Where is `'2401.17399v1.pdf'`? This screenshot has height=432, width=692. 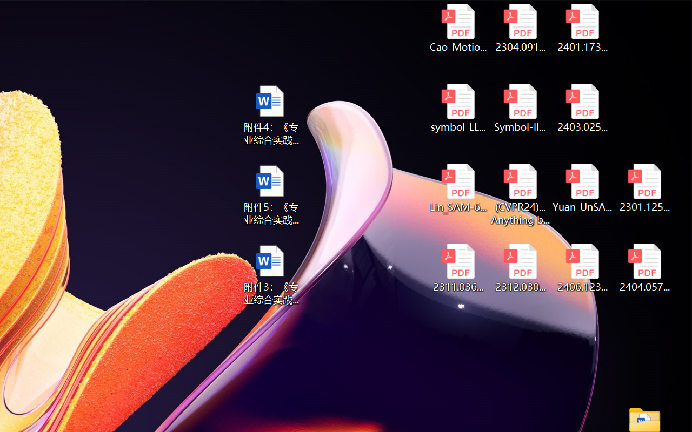 '2401.17399v1.pdf' is located at coordinates (582, 28).